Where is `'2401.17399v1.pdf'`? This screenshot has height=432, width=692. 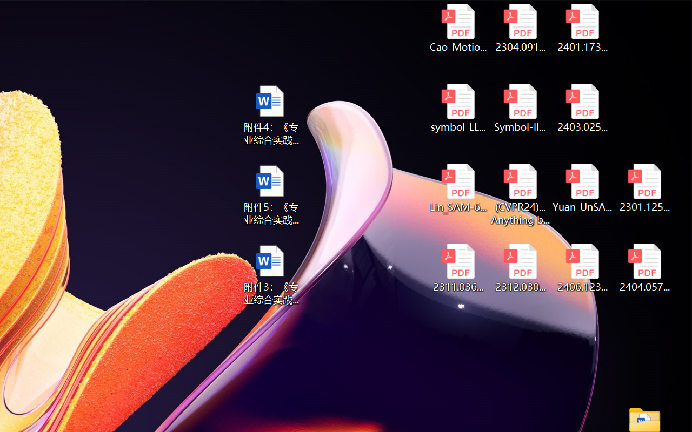 '2401.17399v1.pdf' is located at coordinates (582, 28).